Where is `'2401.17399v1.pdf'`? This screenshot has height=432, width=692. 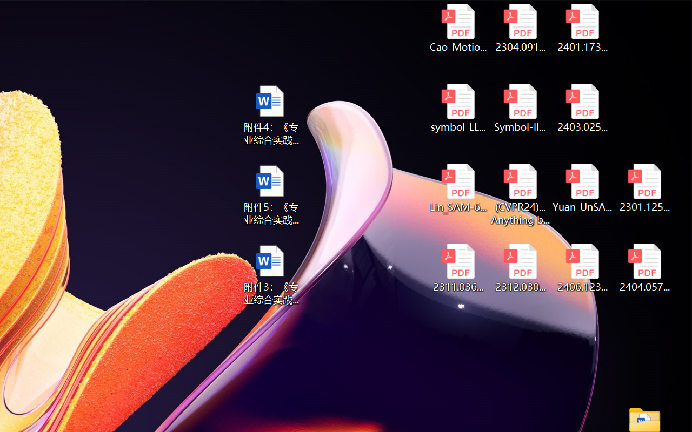 '2401.17399v1.pdf' is located at coordinates (582, 28).